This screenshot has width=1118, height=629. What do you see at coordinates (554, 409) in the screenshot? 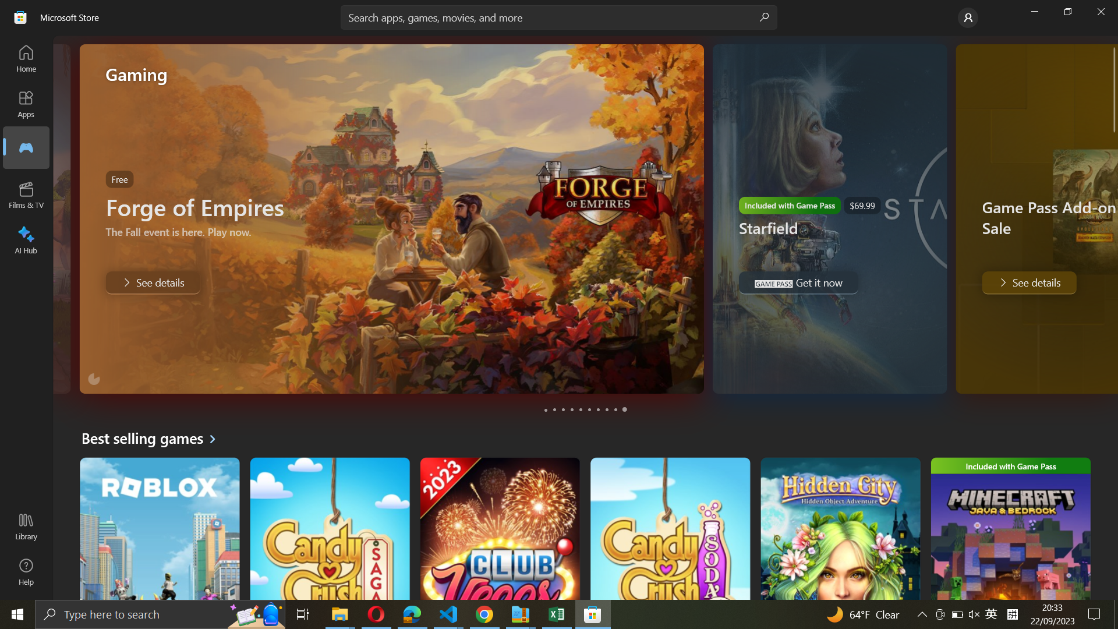
I see `To view Starfield game details, perform a mouse click on the marked spot` at bounding box center [554, 409].